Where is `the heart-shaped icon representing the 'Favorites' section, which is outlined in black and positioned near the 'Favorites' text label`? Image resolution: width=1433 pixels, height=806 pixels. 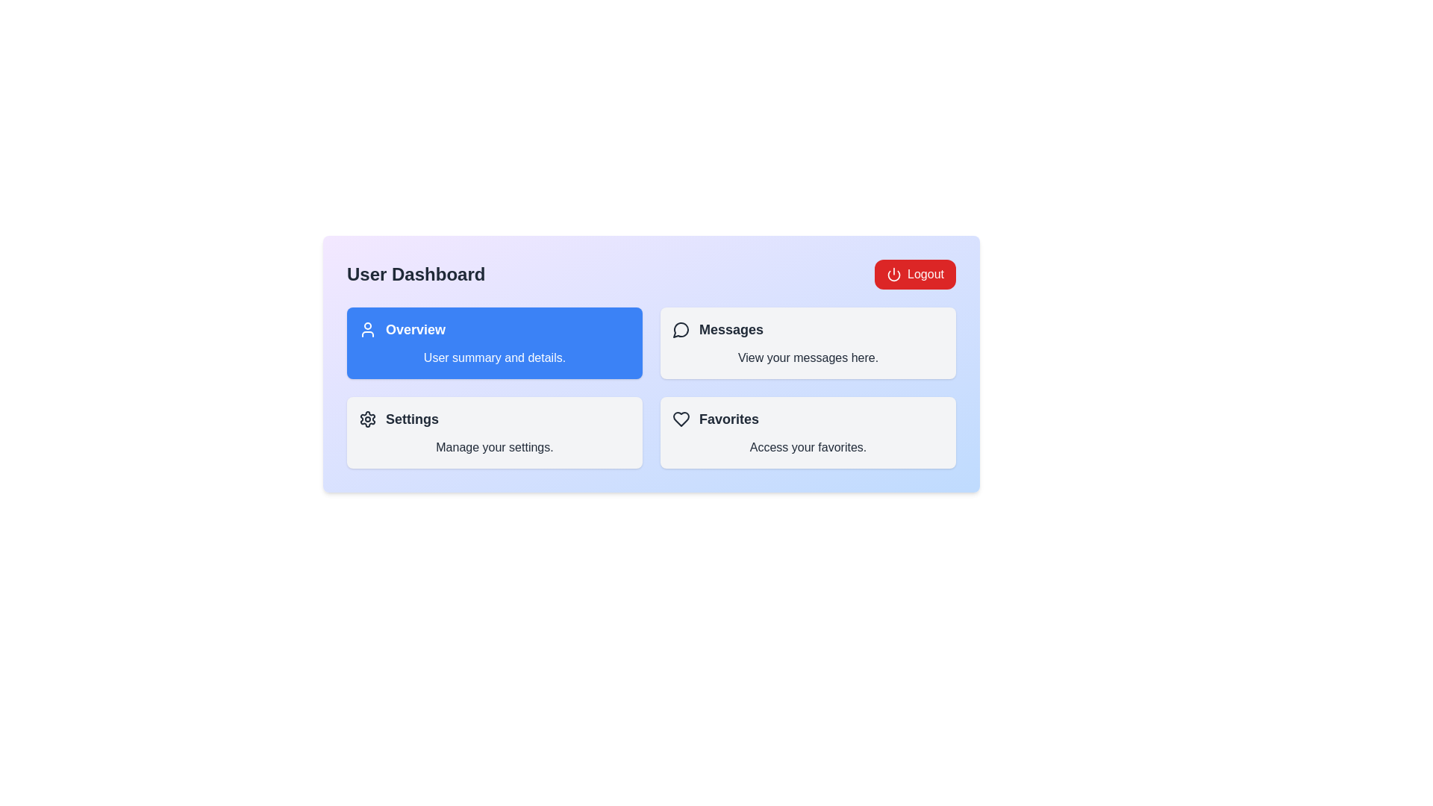 the heart-shaped icon representing the 'Favorites' section, which is outlined in black and positioned near the 'Favorites' text label is located at coordinates (680, 419).